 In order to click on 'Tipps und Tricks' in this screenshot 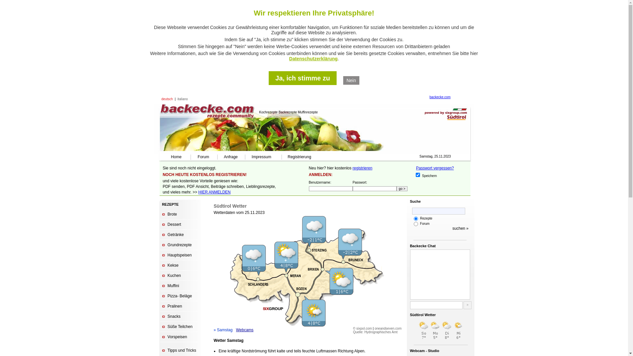, I will do `click(182, 350)`.